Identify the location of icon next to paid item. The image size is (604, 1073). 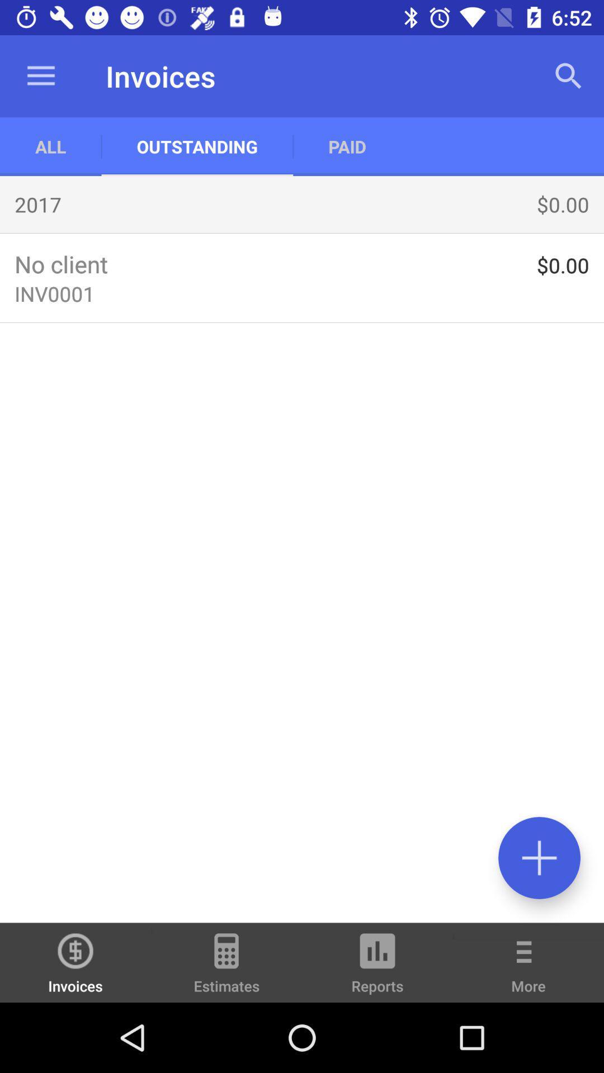
(196, 146).